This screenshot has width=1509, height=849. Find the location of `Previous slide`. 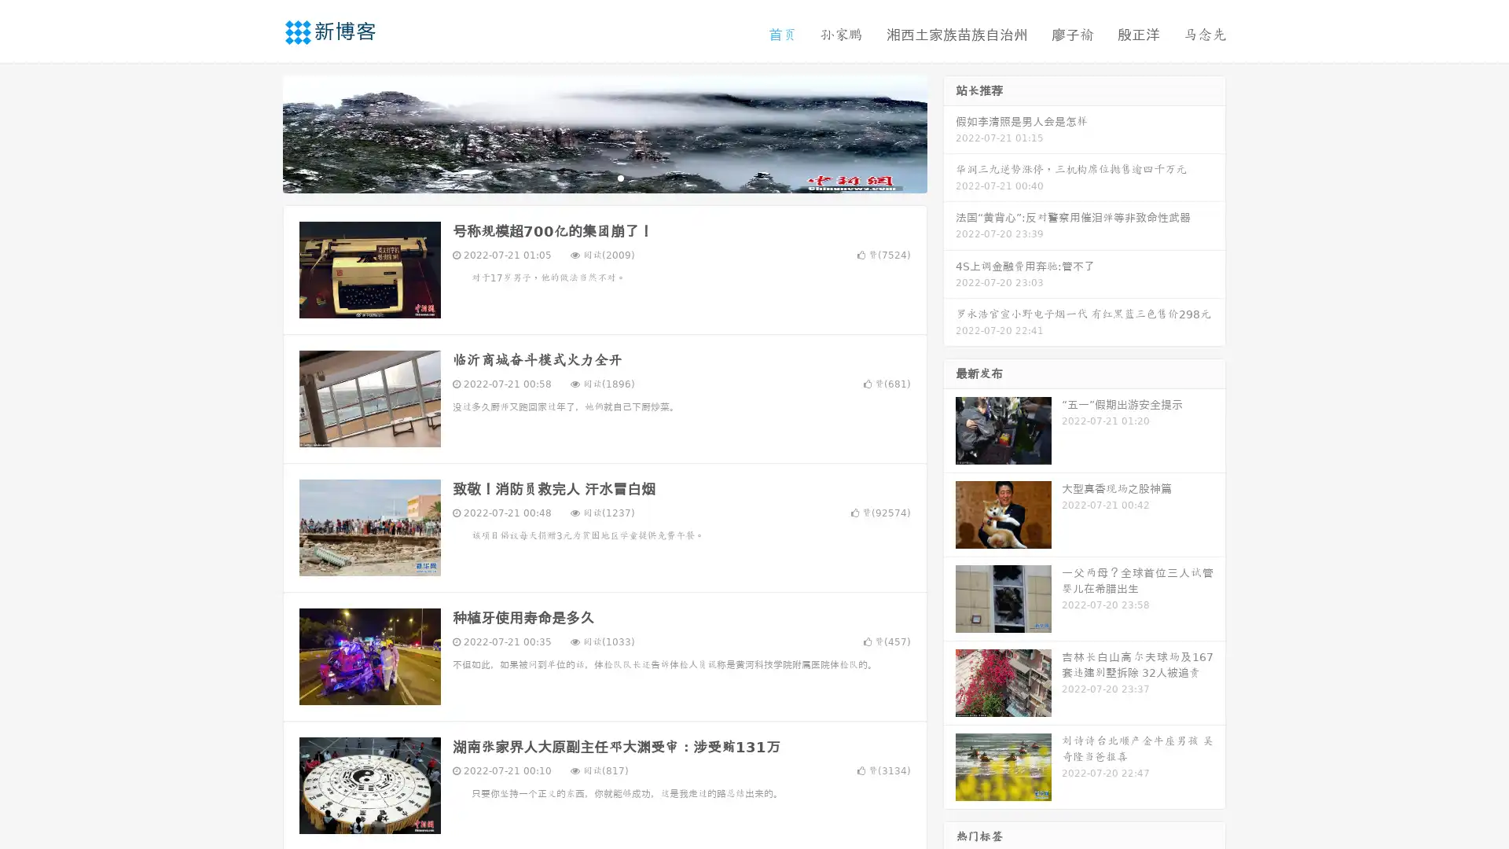

Previous slide is located at coordinates (259, 132).